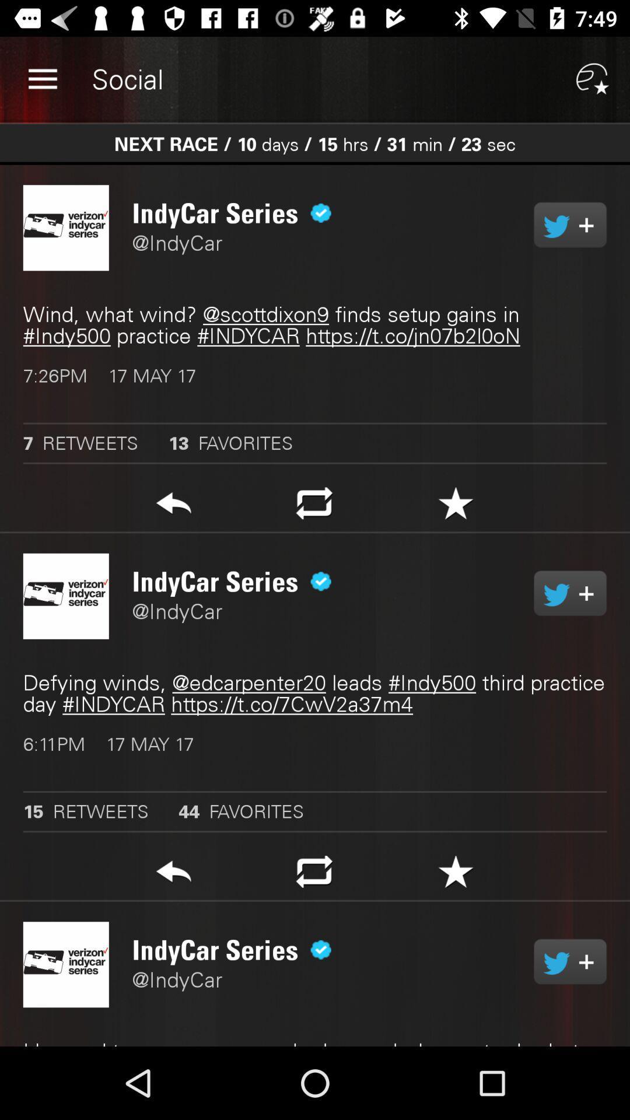 This screenshot has height=1120, width=630. Describe the element at coordinates (314, 875) in the screenshot. I see `shuffle` at that location.